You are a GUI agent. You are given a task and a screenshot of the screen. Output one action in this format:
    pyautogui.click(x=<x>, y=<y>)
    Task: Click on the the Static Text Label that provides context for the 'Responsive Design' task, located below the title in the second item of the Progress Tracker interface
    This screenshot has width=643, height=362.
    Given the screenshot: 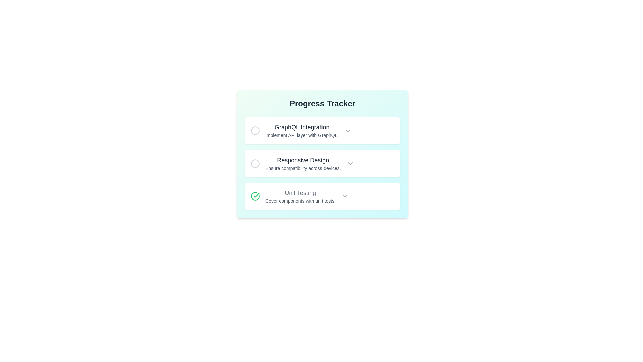 What is the action you would take?
    pyautogui.click(x=302, y=168)
    